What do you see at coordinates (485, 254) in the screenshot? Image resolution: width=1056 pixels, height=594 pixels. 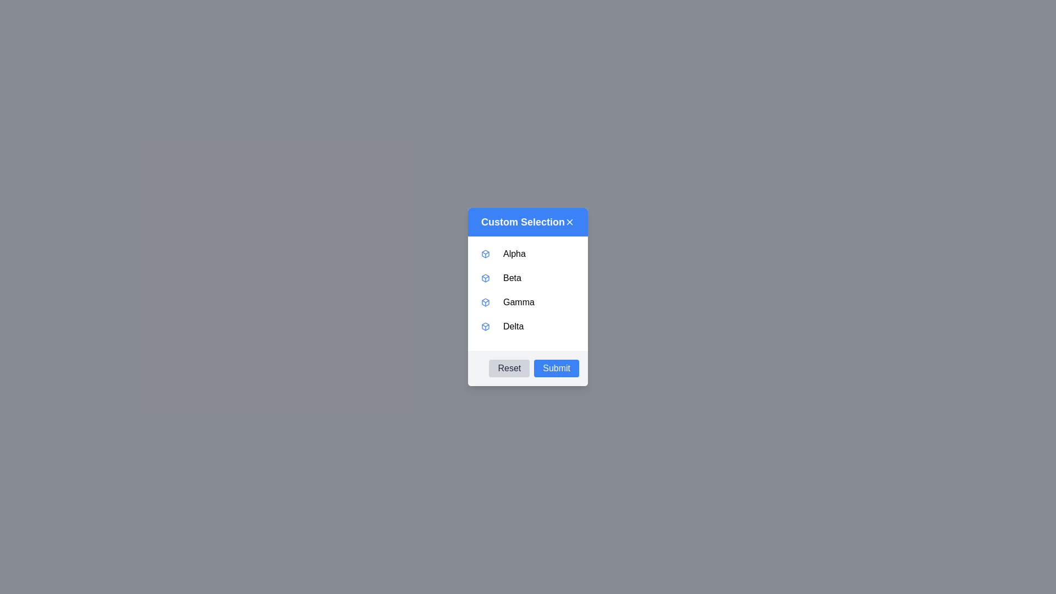 I see `the blue stroke 3D box icon located to the right of the 'Alpha' text label in the 'Custom Selection' dialog` at bounding box center [485, 254].